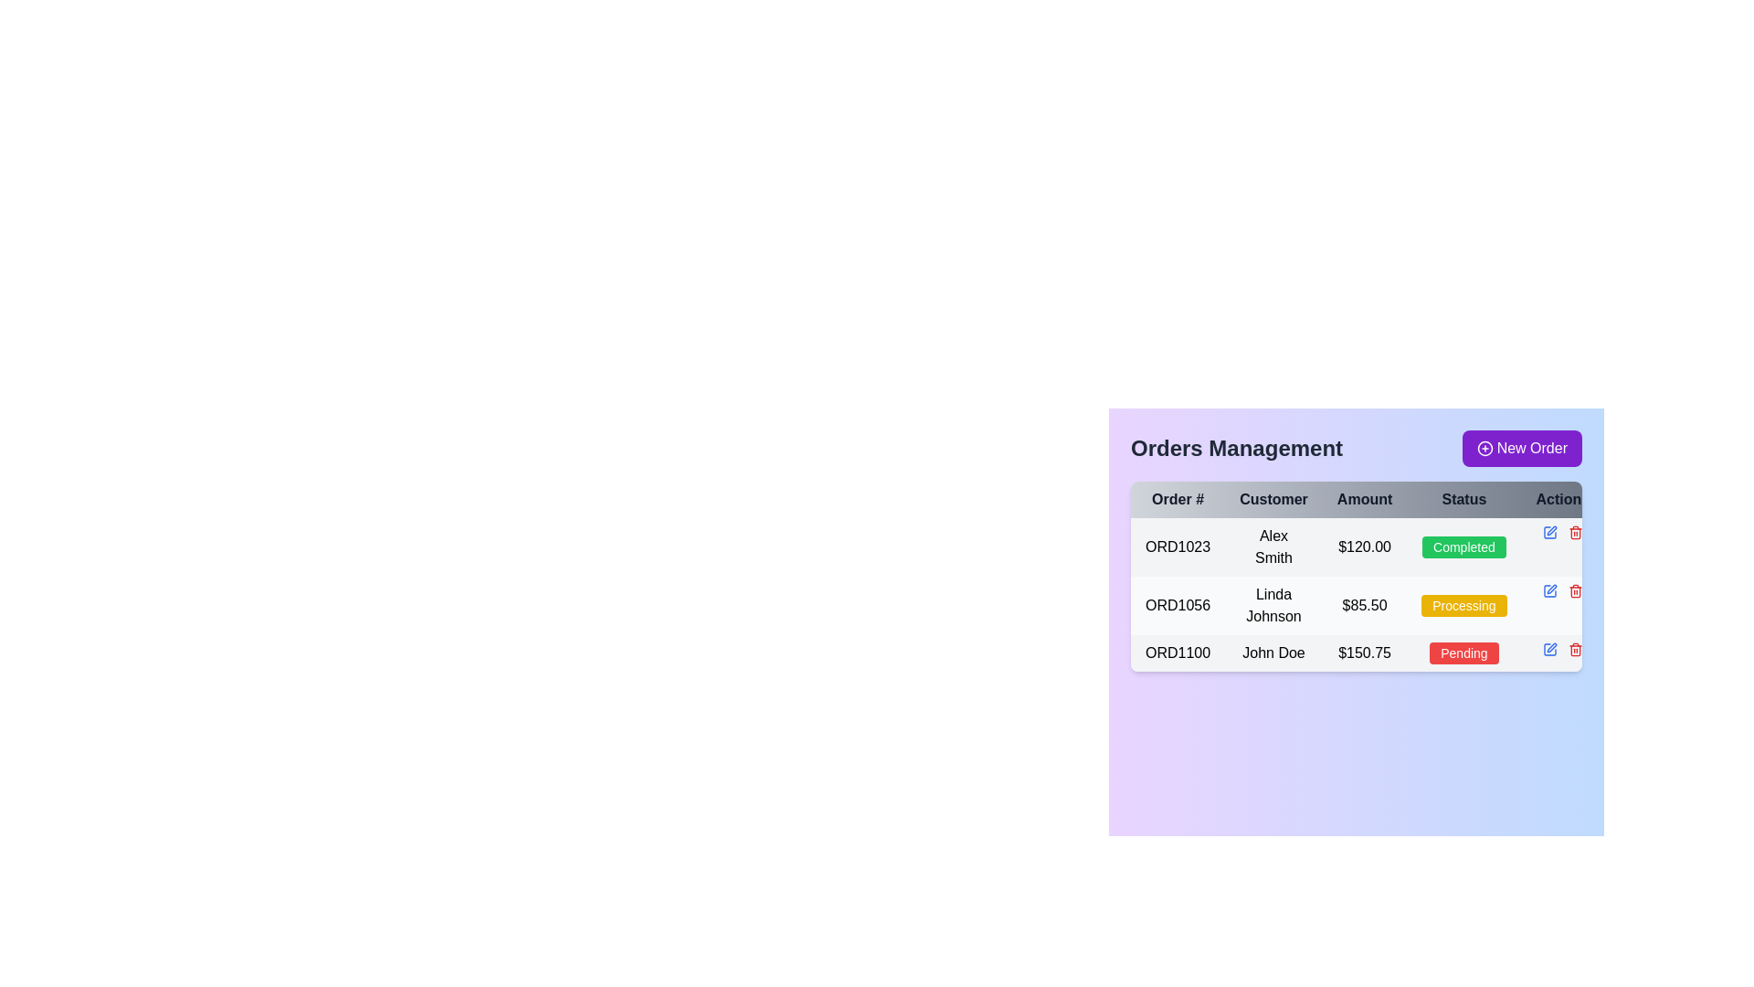 The height and width of the screenshot is (987, 1754). What do you see at coordinates (1463, 546) in the screenshot?
I see `the status indicator text label located in the 'Status' column of the first row corresponding to order 'ORD1023', which indicates that the order has been completed` at bounding box center [1463, 546].